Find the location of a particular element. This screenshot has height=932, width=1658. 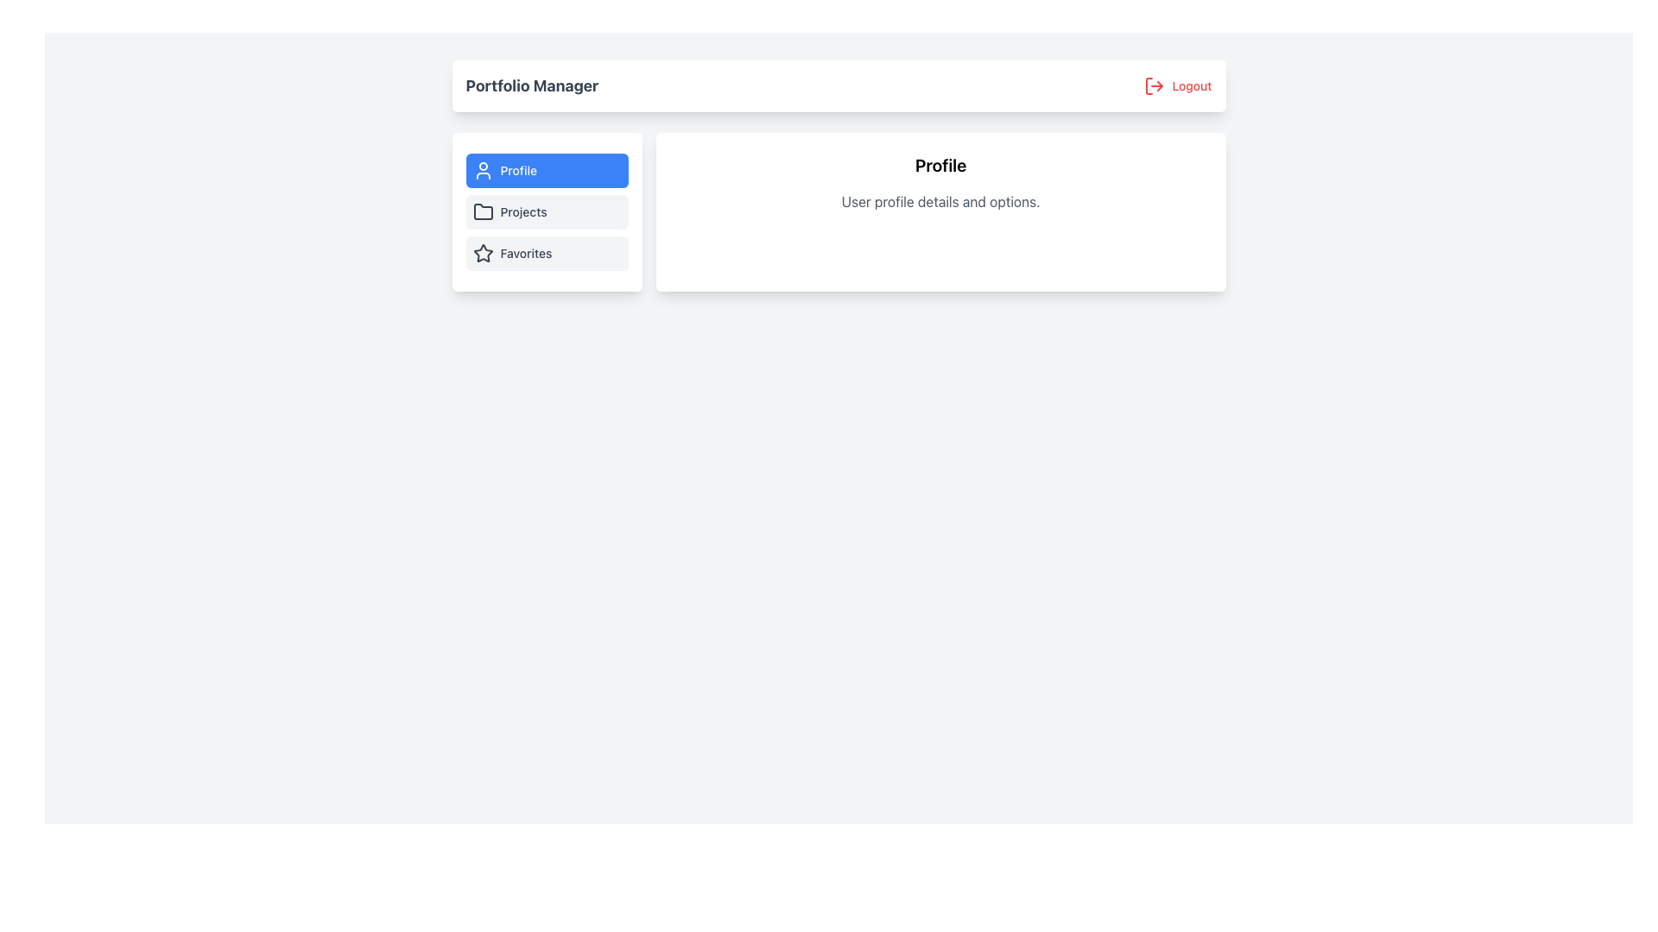

the folder icon in the vertical menu, which is styled with rounded edges and a top triangular cut-out, located below the profile icon and above the favorites icon is located at coordinates (483, 211).